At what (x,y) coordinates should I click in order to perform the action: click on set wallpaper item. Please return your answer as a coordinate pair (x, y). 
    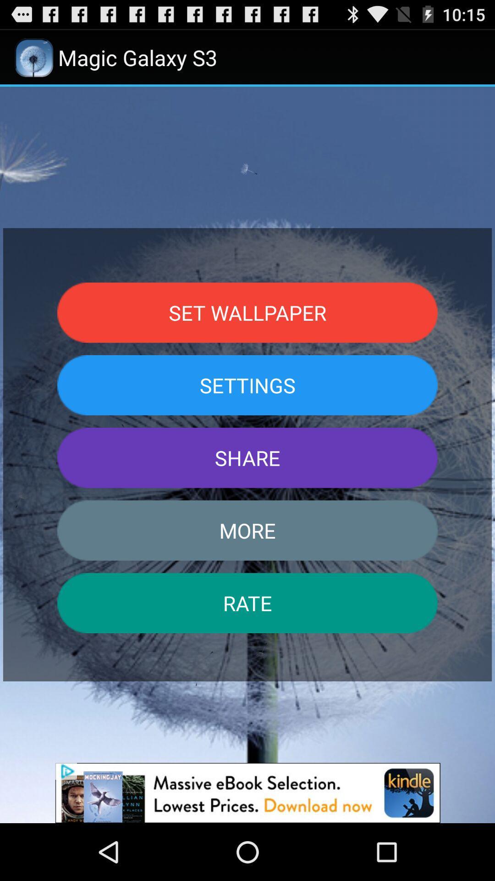
    Looking at the image, I should click on (247, 312).